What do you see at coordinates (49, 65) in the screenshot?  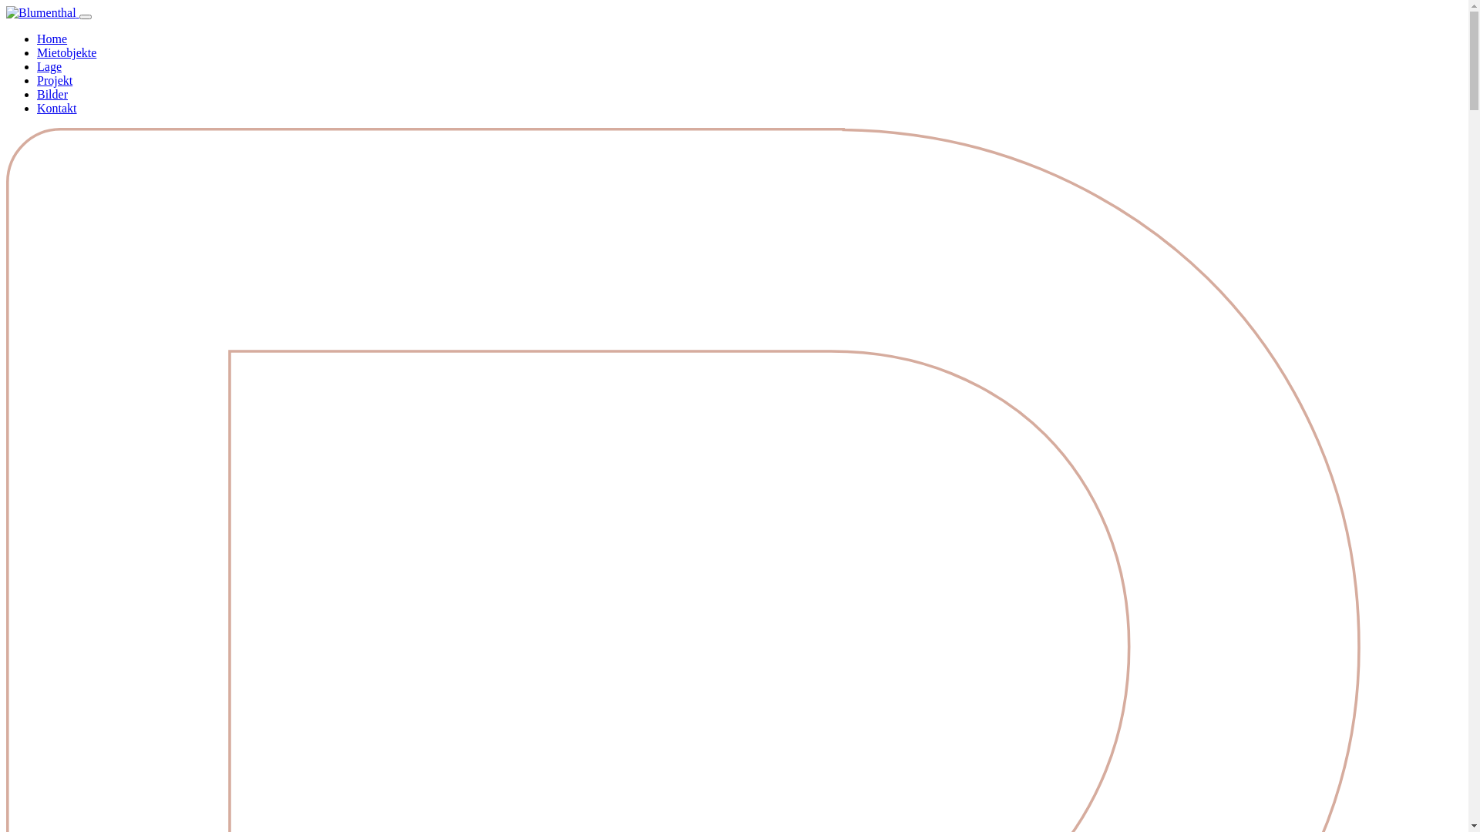 I see `'Lage'` at bounding box center [49, 65].